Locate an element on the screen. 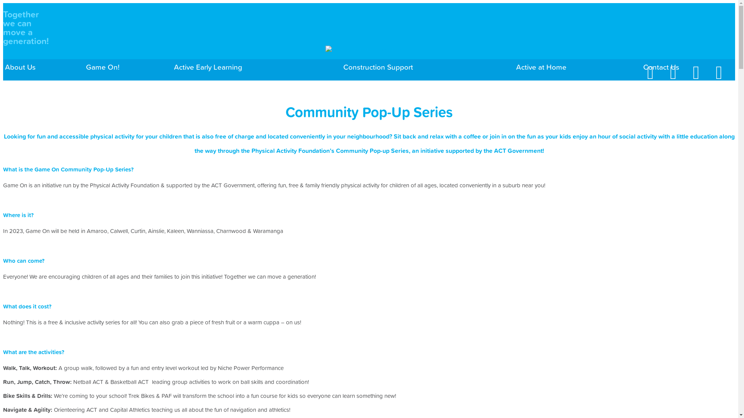 The image size is (744, 418). 'Twitter' is located at coordinates (678, 85).